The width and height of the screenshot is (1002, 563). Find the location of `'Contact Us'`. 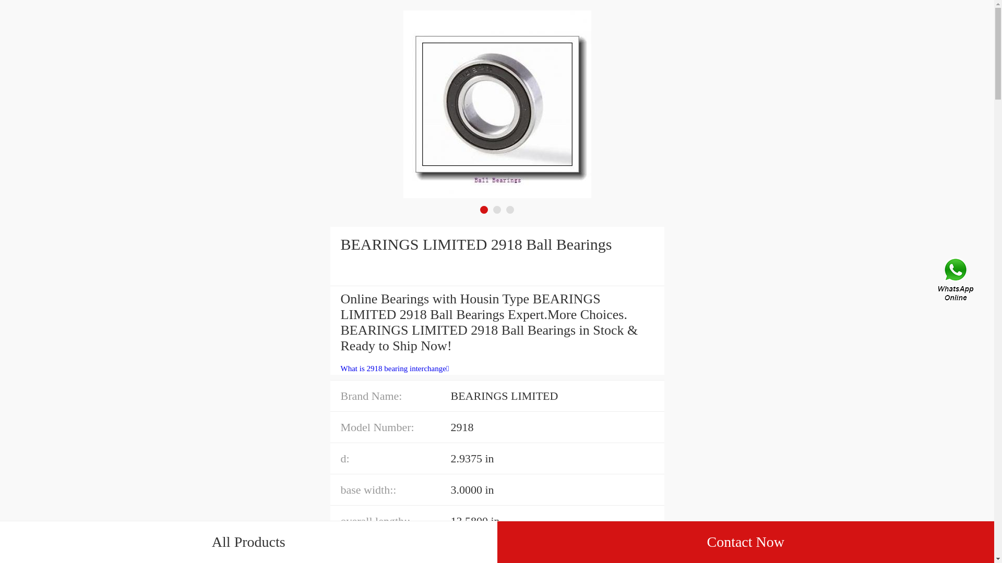

'Contact Us' is located at coordinates (937, 281).